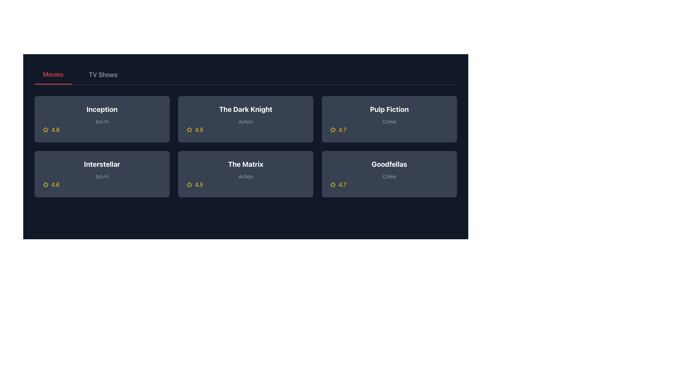 The image size is (676, 380). I want to click on the yellow star icon located in the bottom-left section of the card labeled 'The Matrix', so click(189, 184).